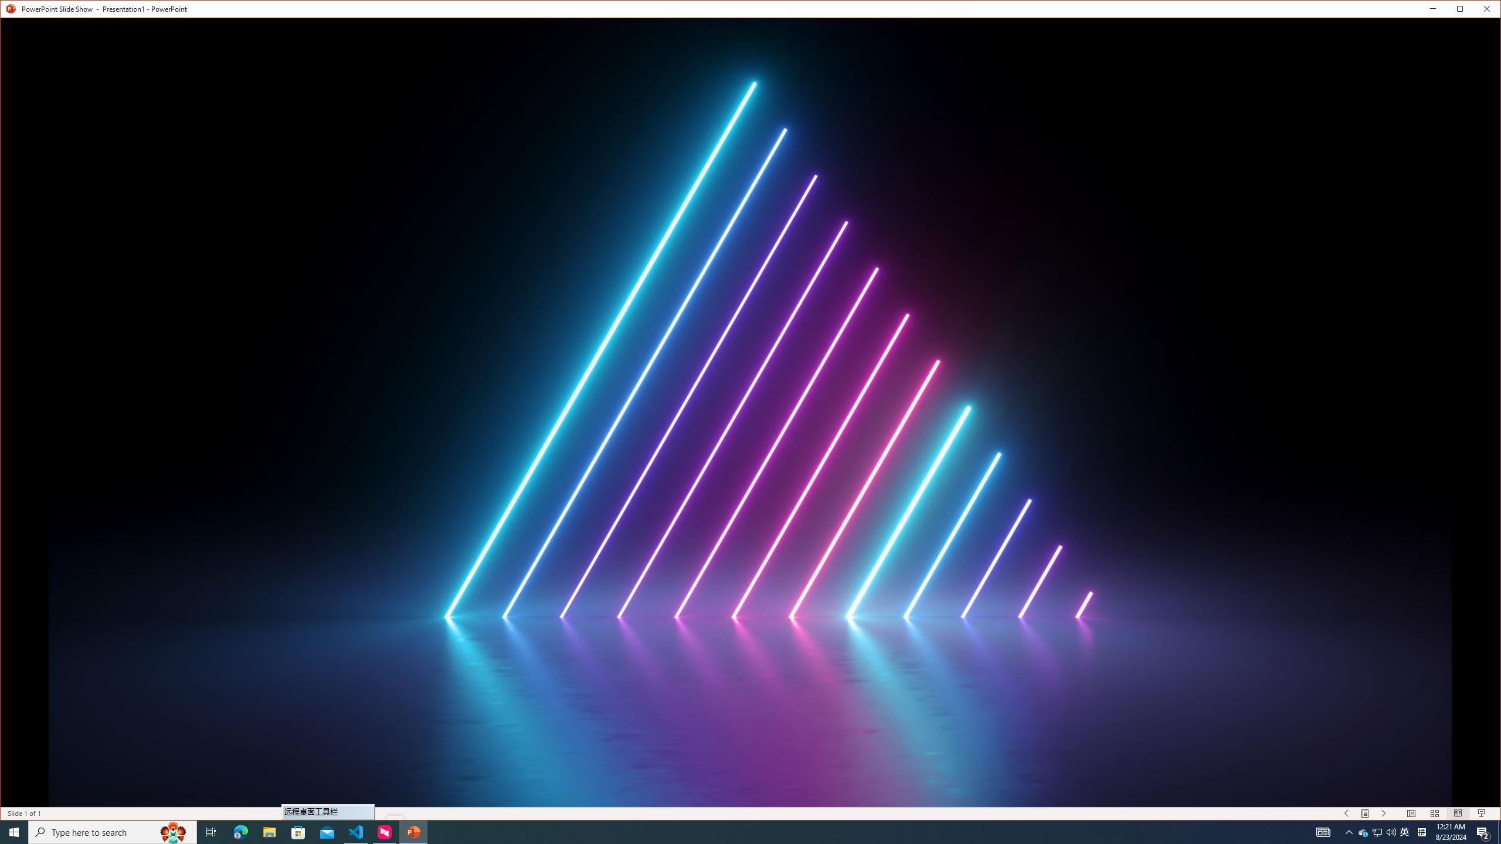 Image resolution: width=1501 pixels, height=844 pixels. Describe the element at coordinates (1346, 813) in the screenshot. I see `'Slide Show Previous On'` at that location.